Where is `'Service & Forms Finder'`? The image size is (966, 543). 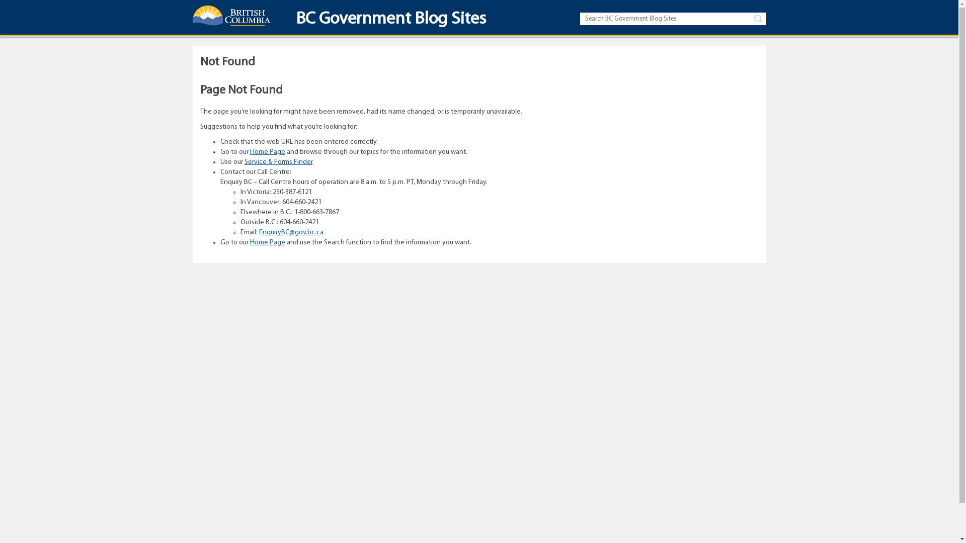 'Service & Forms Finder' is located at coordinates (278, 161).